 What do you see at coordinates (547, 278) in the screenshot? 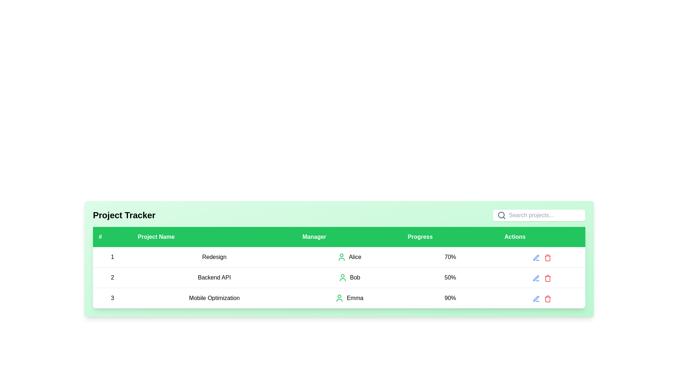
I see `the delete button represented by a trash icon, located as the third icon in the last column of the table under the 'Actions' header for the third row` at bounding box center [547, 278].